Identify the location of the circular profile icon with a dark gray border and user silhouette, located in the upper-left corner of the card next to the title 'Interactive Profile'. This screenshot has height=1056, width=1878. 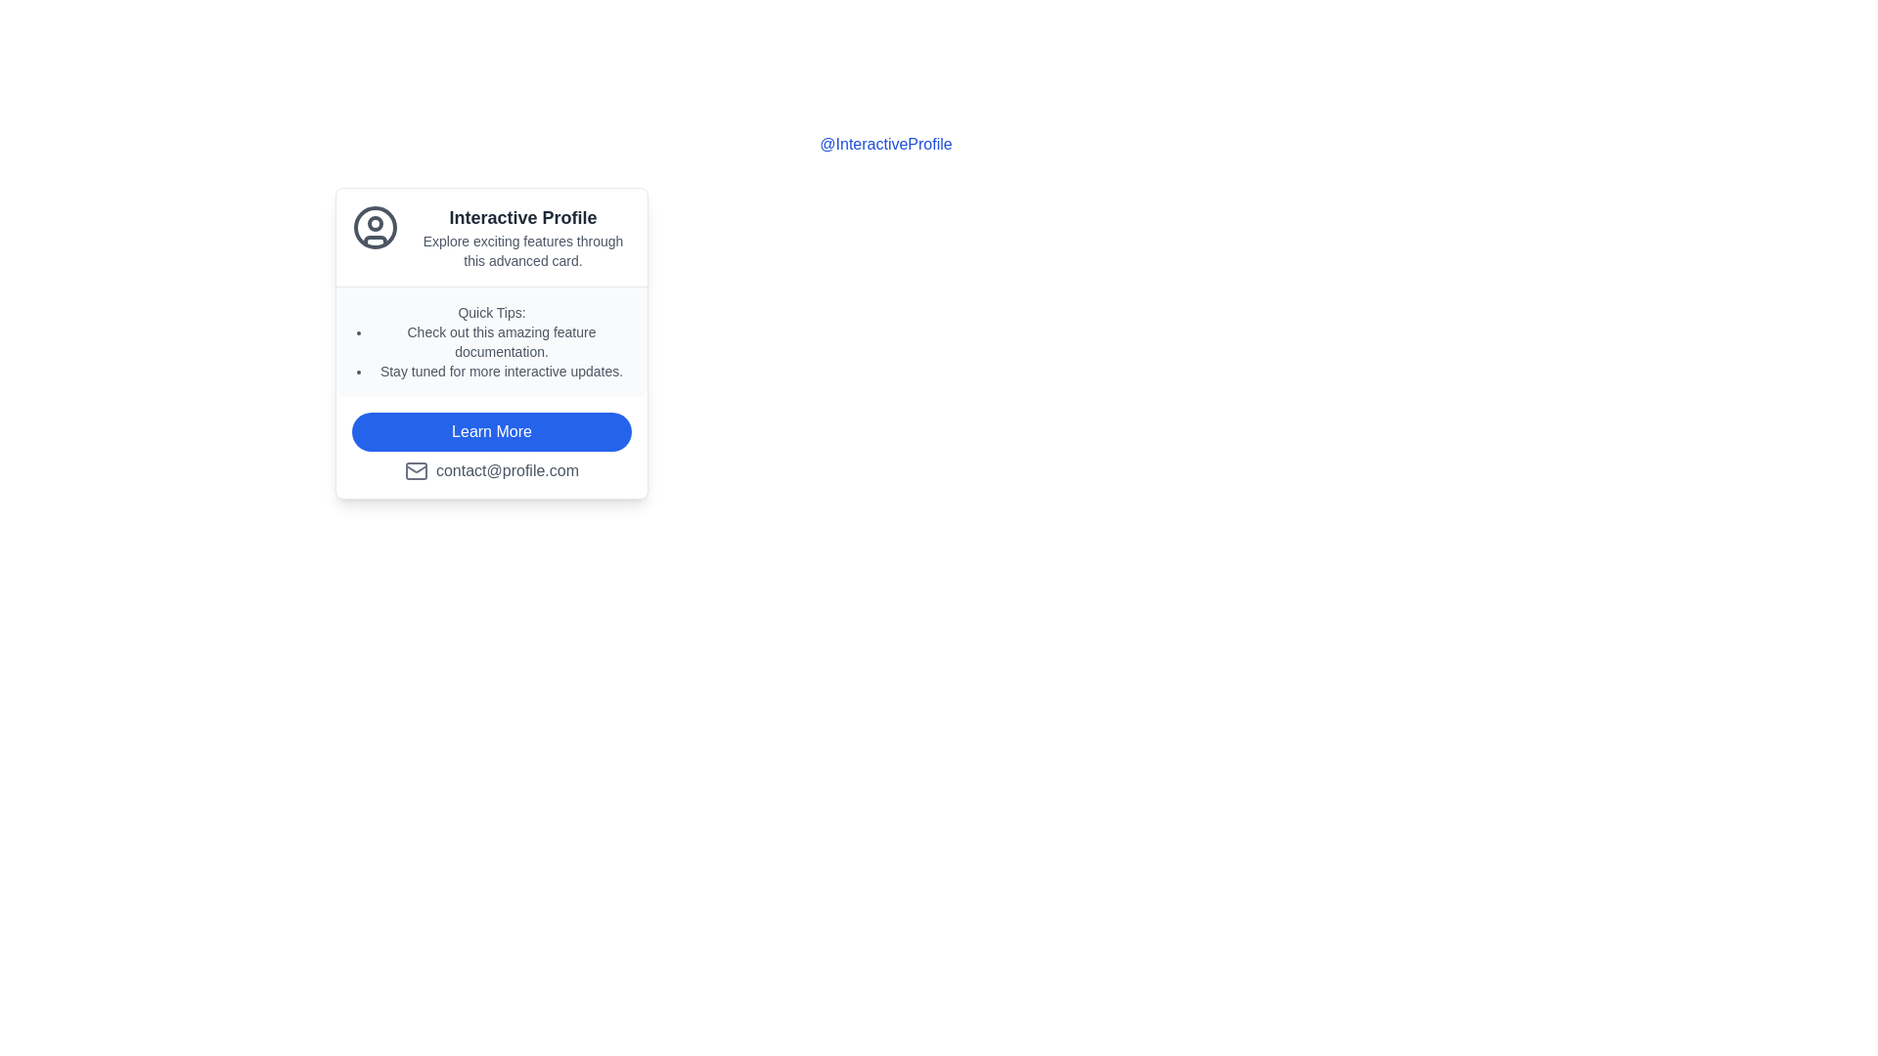
(376, 237).